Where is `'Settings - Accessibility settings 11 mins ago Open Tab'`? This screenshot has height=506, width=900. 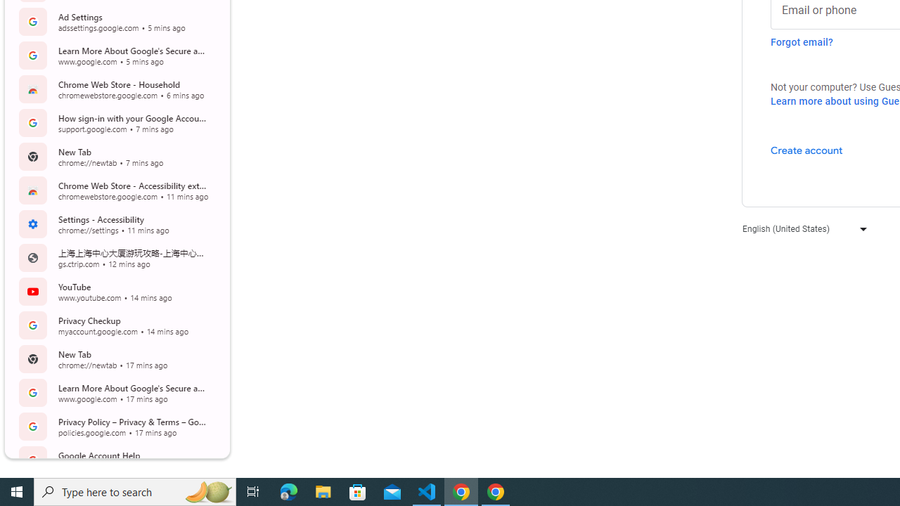 'Settings - Accessibility settings 11 mins ago Open Tab' is located at coordinates (115, 223).